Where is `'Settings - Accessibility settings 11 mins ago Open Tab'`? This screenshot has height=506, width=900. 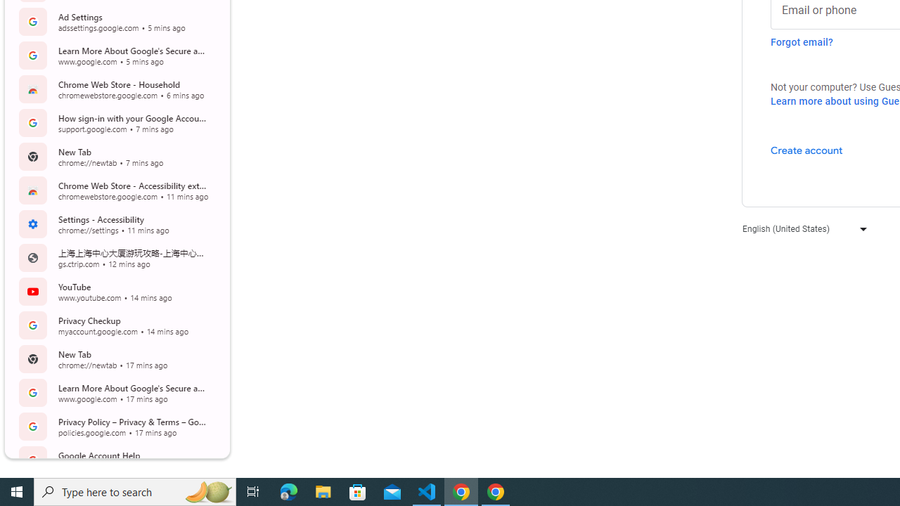 'Settings - Accessibility settings 11 mins ago Open Tab' is located at coordinates (115, 223).